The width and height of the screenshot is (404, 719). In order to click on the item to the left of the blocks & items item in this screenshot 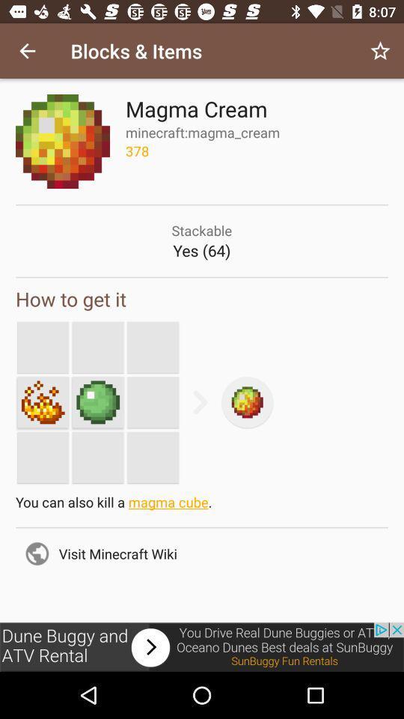, I will do `click(27, 51)`.